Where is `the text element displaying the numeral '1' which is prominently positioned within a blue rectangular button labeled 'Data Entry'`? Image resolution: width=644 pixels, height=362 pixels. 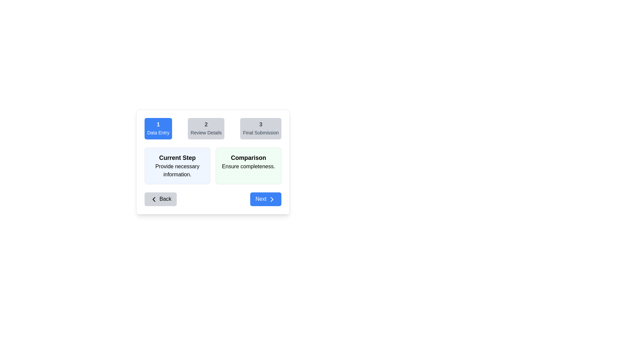 the text element displaying the numeral '1' which is prominently positioned within a blue rectangular button labeled 'Data Entry' is located at coordinates (158, 124).